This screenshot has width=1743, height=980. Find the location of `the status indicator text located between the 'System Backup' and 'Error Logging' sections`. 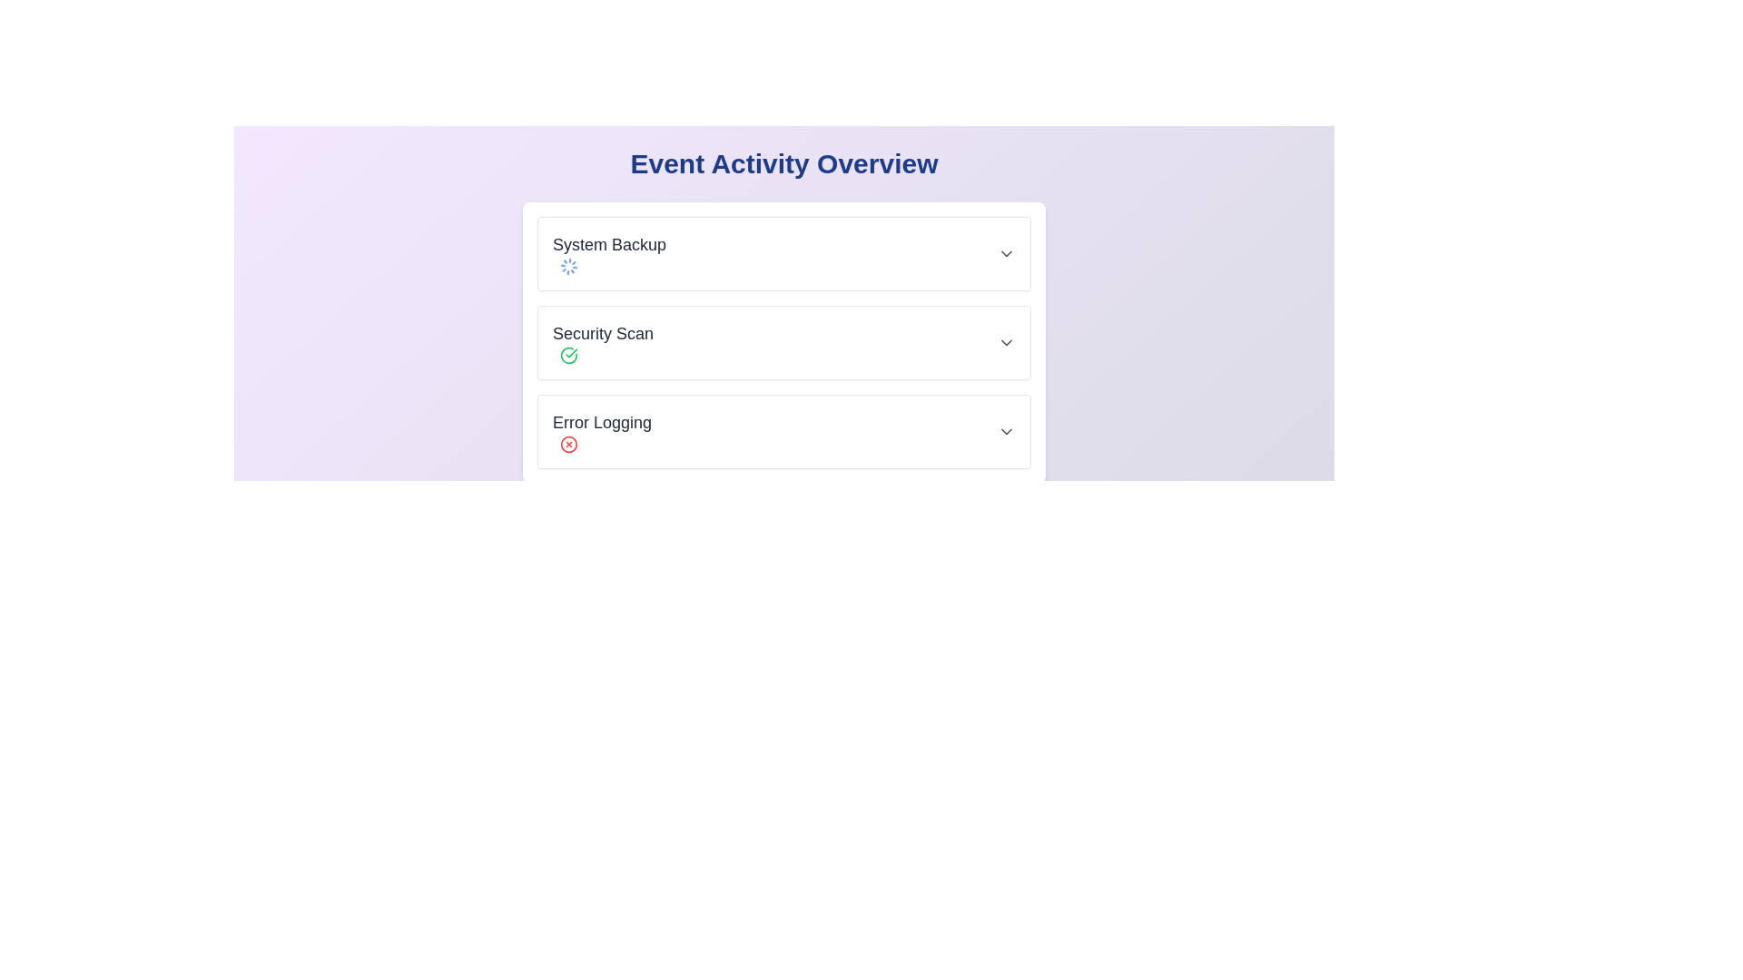

the status indicator text located between the 'System Backup' and 'Error Logging' sections is located at coordinates (603, 343).